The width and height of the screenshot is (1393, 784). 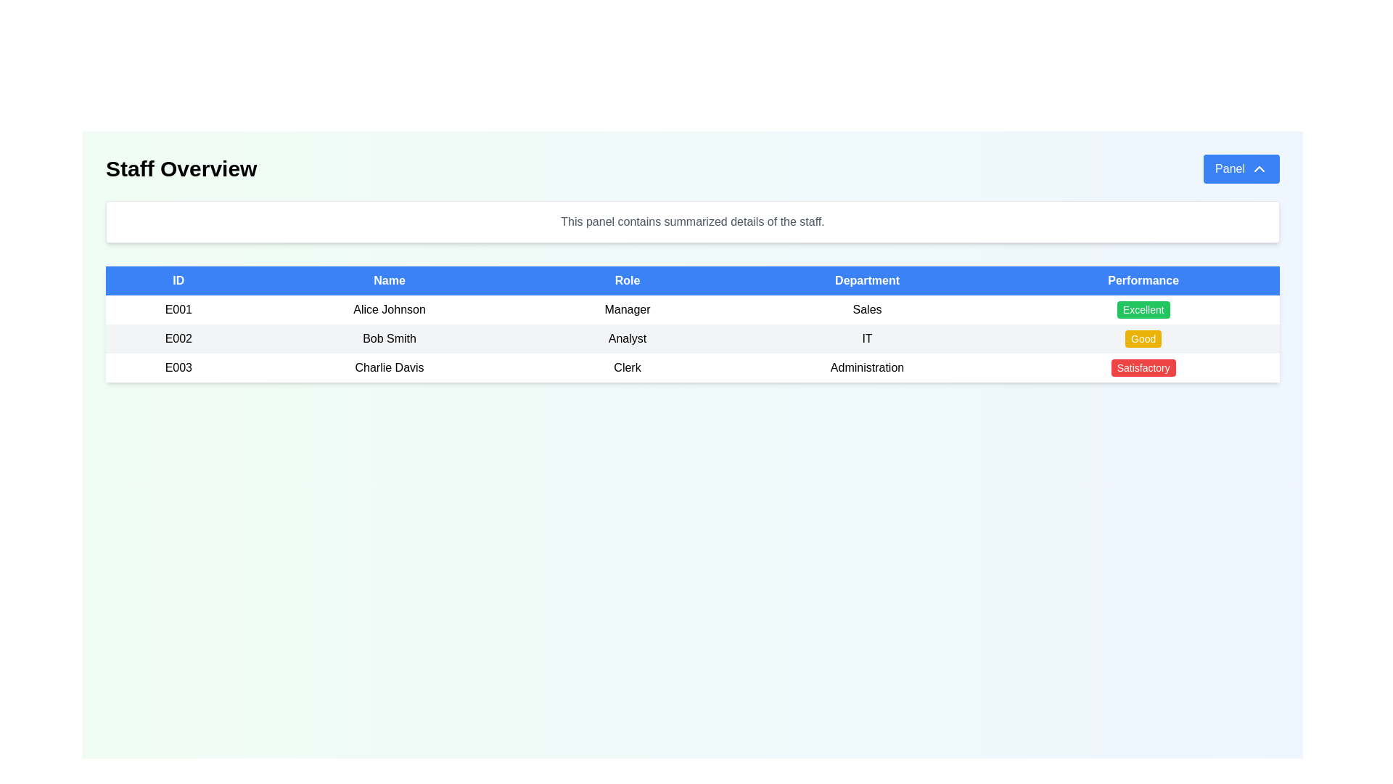 I want to click on the first row in the employee details table, which describes employee ID 'E001', name 'Alice Johnson', role 'Manager', department 'Sales', and performance status 'Excellent', so click(x=692, y=309).